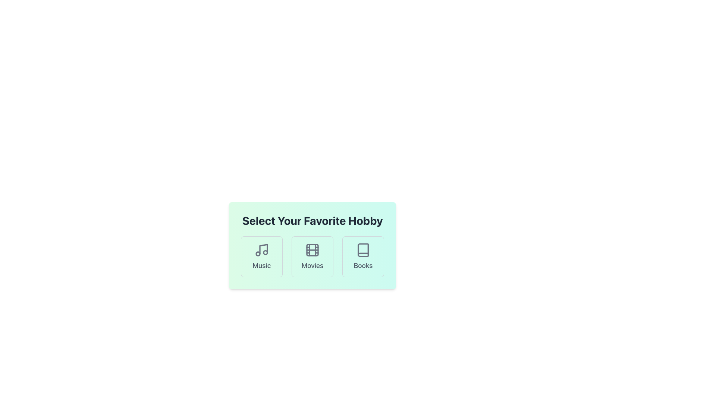 The height and width of the screenshot is (402, 716). What do you see at coordinates (313, 220) in the screenshot?
I see `heading text 'Select Your Favorite Hobby' which is prominently displayed in a bold and large font at the top-middle position of the card-style component` at bounding box center [313, 220].